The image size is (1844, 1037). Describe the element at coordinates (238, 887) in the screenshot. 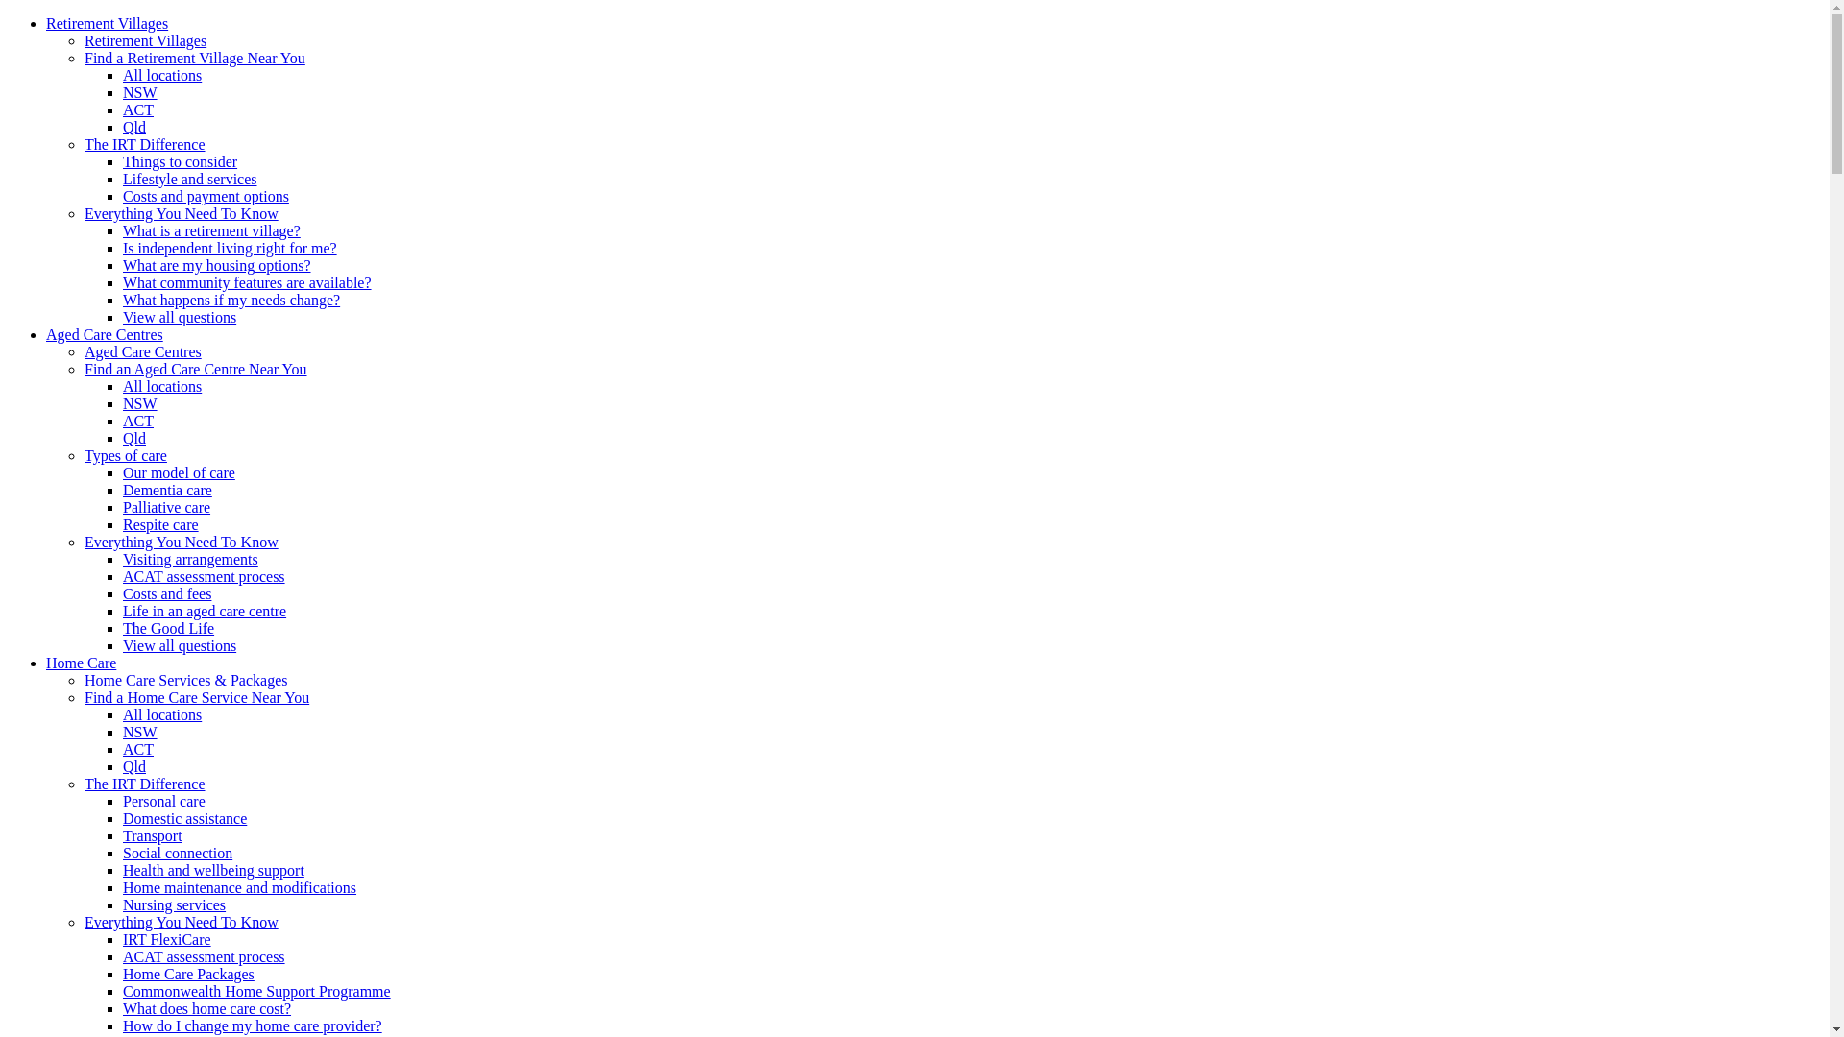

I see `'Home maintenance and modifications'` at that location.